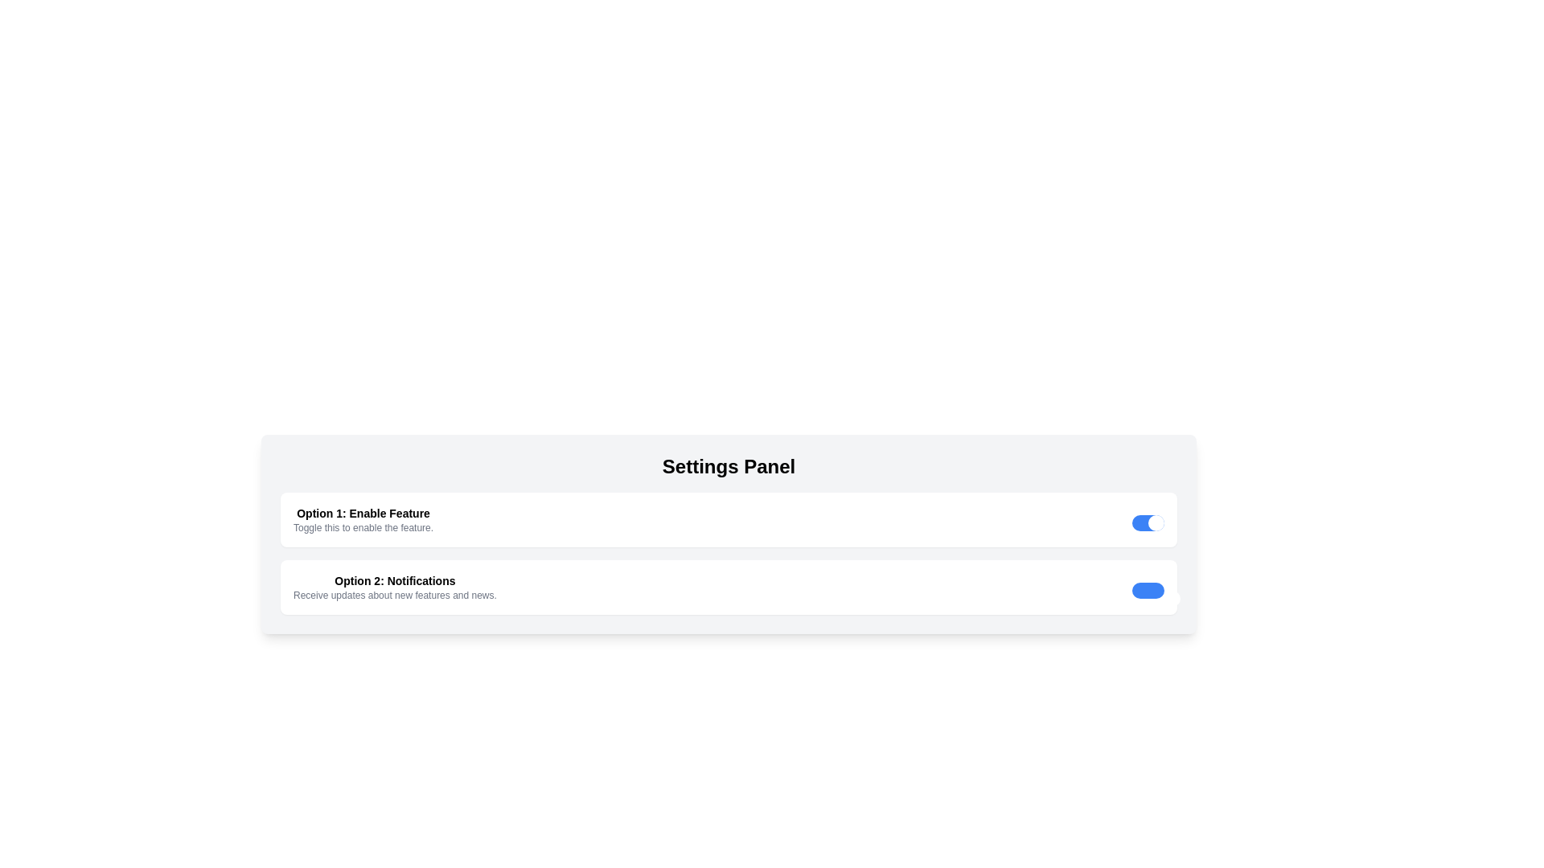 This screenshot has width=1544, height=868. Describe the element at coordinates (728, 467) in the screenshot. I see `text of the heading element that serves as the title for the settings panel, positioned at the uppermost part of the card-like interface` at that location.